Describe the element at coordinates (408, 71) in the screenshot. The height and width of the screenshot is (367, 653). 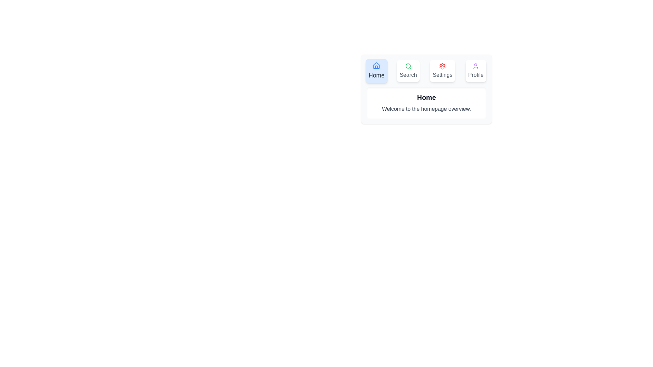
I see `the tab labeled Search to observe its hover effect` at that location.